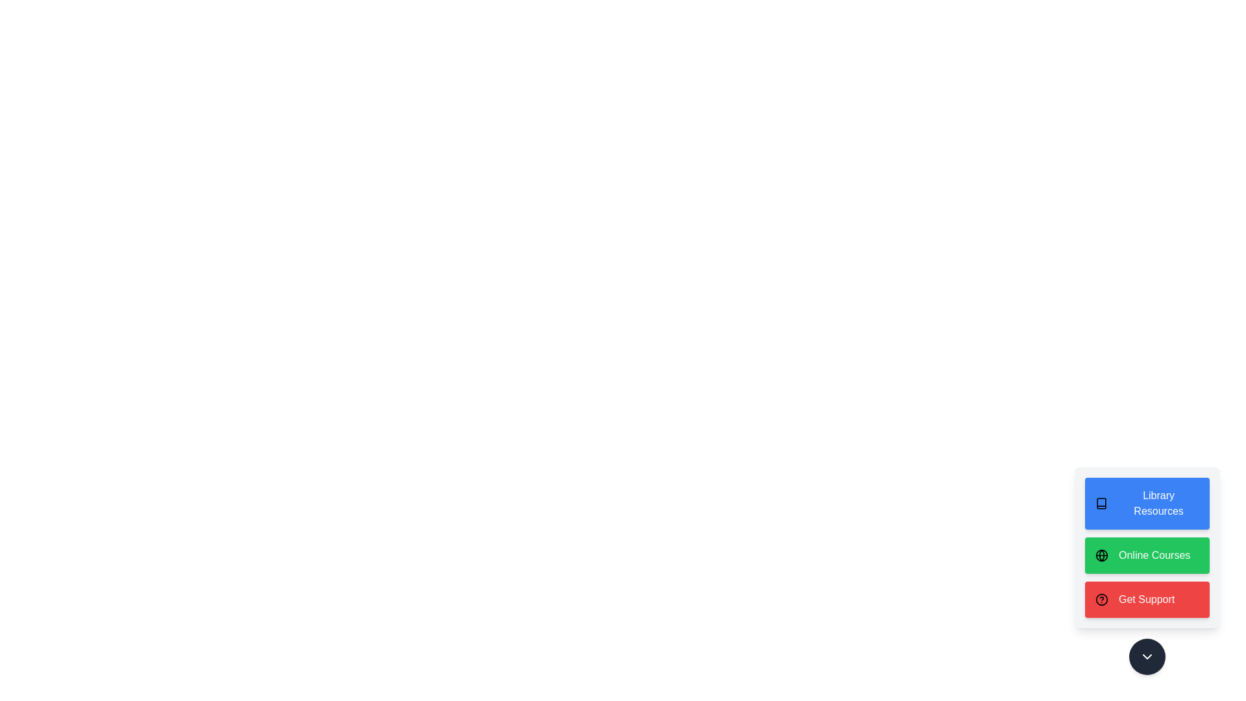  What do you see at coordinates (1147, 555) in the screenshot?
I see `the Online Courses button in the speed dial to select it` at bounding box center [1147, 555].